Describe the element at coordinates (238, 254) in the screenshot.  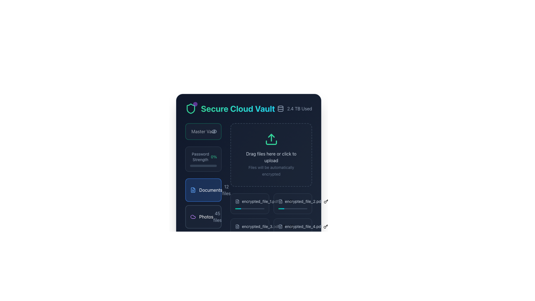
I see `the warning icon that serves as a visual indicator for alert messages, located on the left side of the warning message text` at that location.